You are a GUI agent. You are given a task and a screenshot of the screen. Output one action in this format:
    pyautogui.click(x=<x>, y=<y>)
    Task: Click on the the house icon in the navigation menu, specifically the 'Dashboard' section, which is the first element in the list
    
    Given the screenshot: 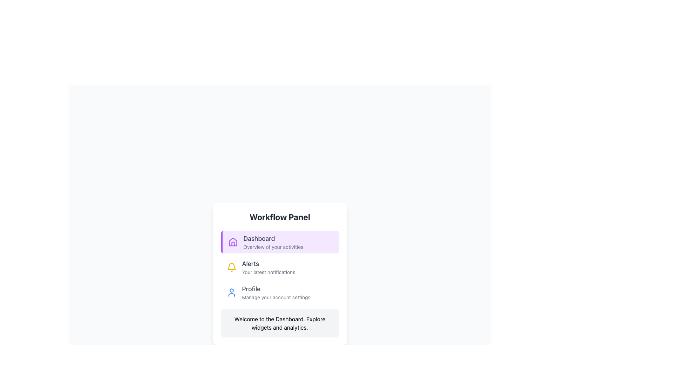 What is the action you would take?
    pyautogui.click(x=233, y=244)
    